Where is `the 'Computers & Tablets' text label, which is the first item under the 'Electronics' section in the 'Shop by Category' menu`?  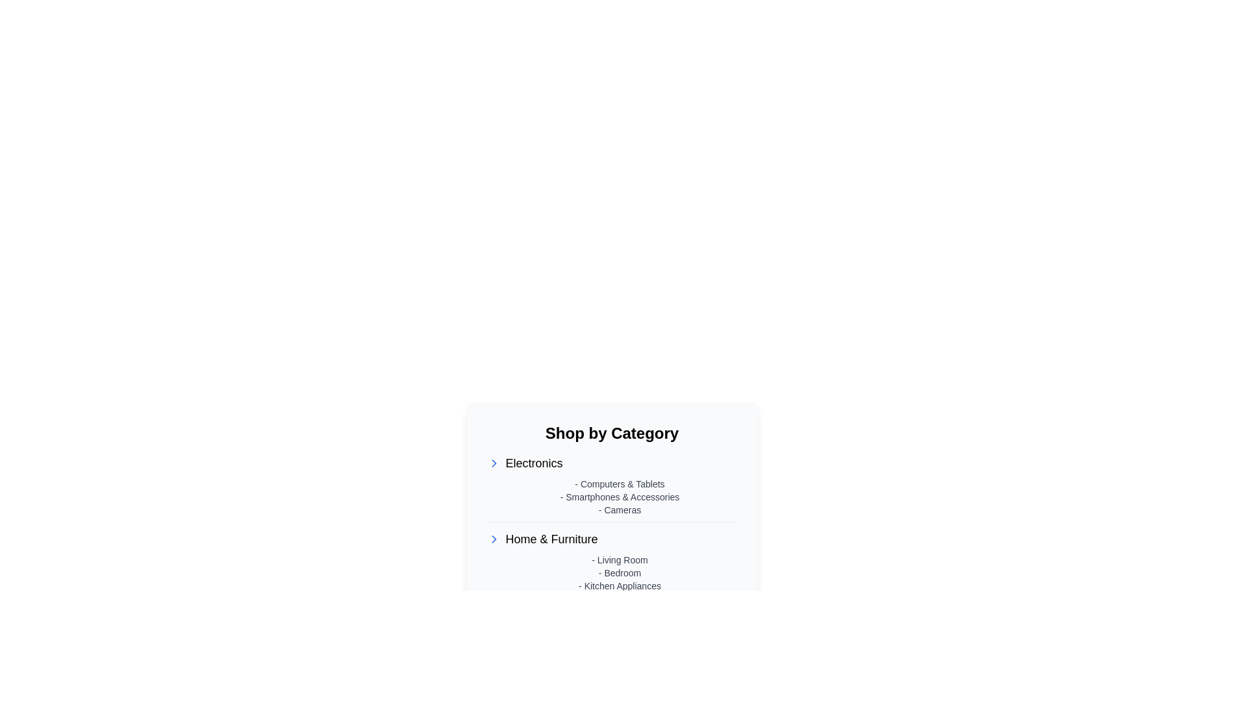 the 'Computers & Tablets' text label, which is the first item under the 'Electronics' section in the 'Shop by Category' menu is located at coordinates (619, 484).